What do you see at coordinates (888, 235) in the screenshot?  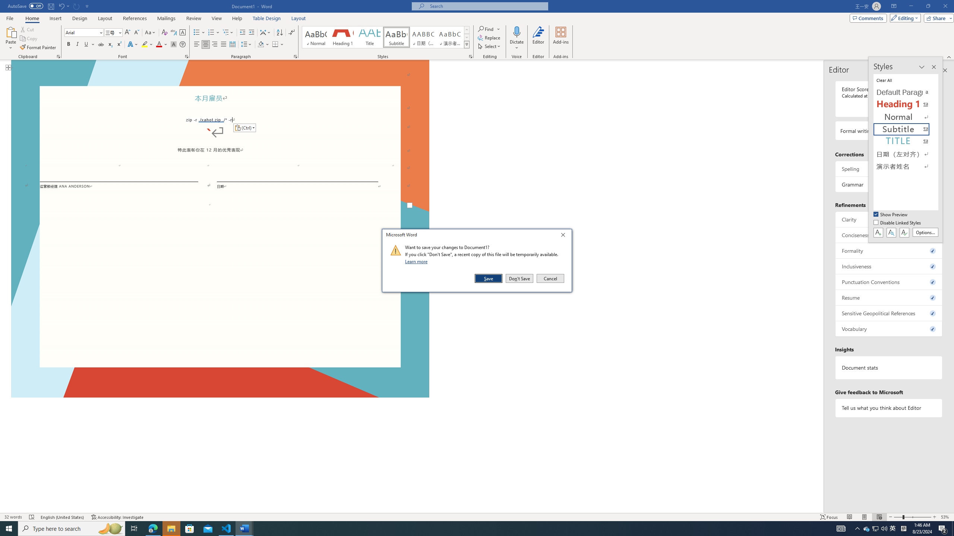 I see `'Conciseness, 0 issues. Press space or enter to review items.'` at bounding box center [888, 235].